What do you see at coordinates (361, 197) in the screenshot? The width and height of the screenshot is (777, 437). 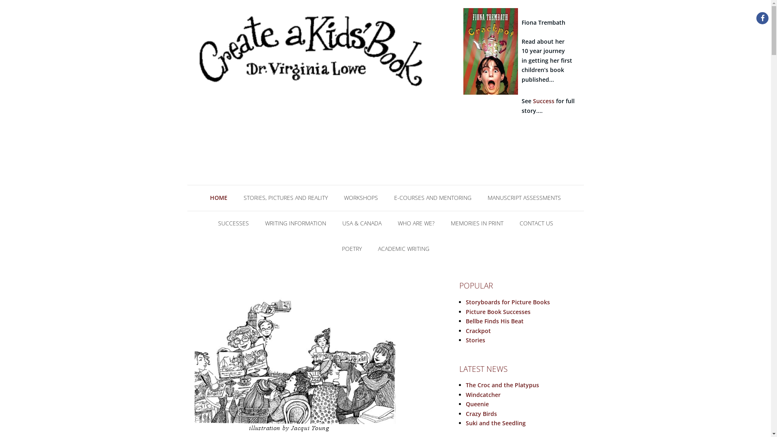 I see `'WORKSHOPS'` at bounding box center [361, 197].